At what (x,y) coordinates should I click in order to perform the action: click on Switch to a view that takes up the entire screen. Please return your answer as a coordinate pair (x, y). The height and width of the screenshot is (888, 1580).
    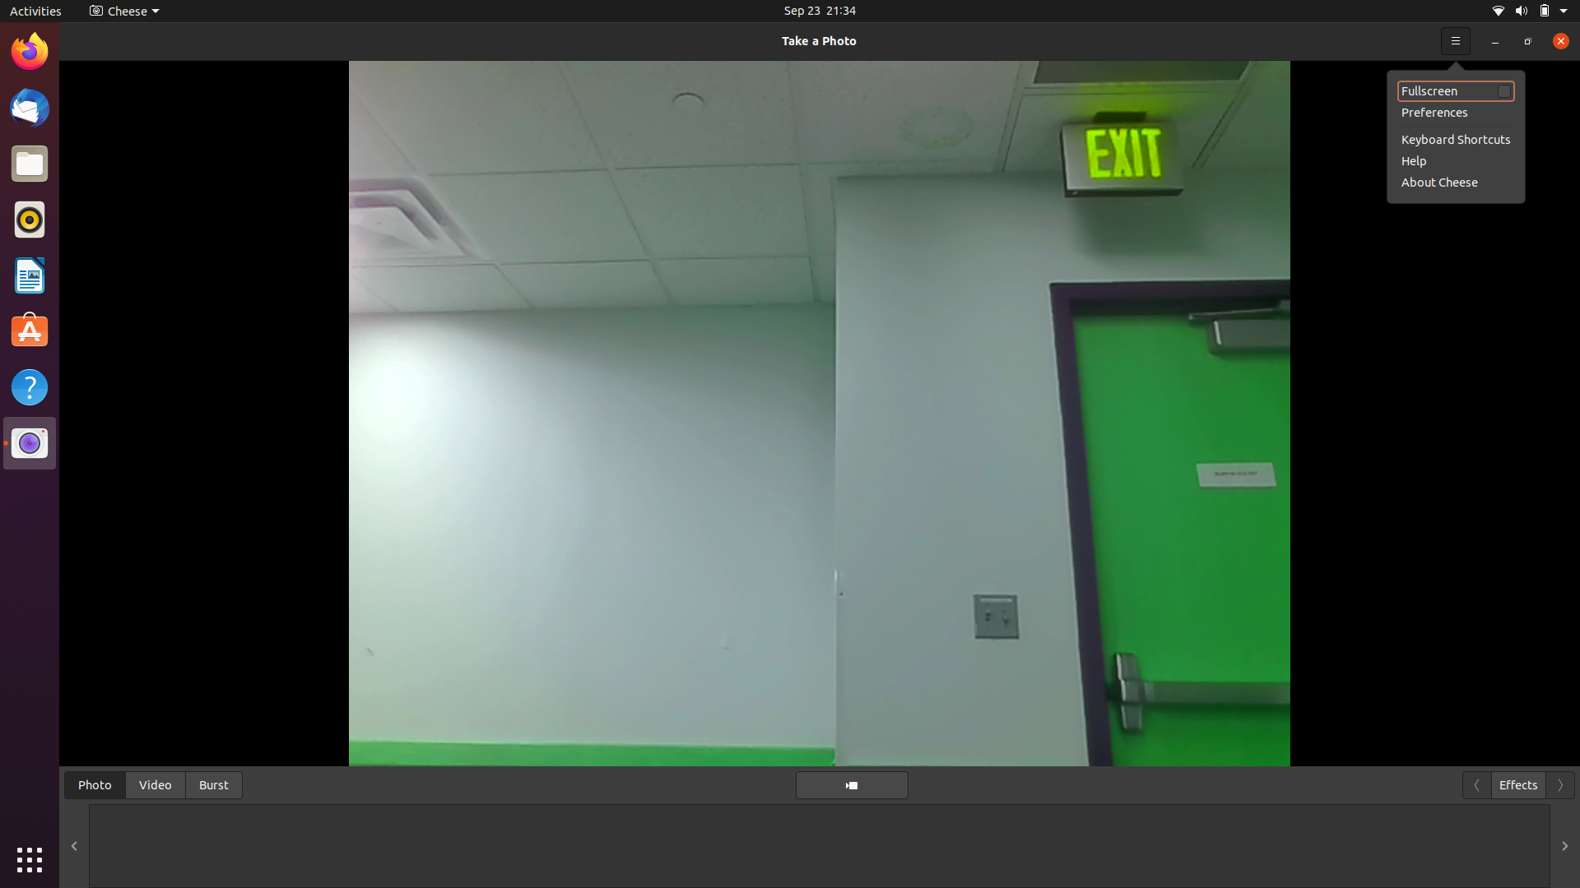
    Looking at the image, I should click on (1456, 90).